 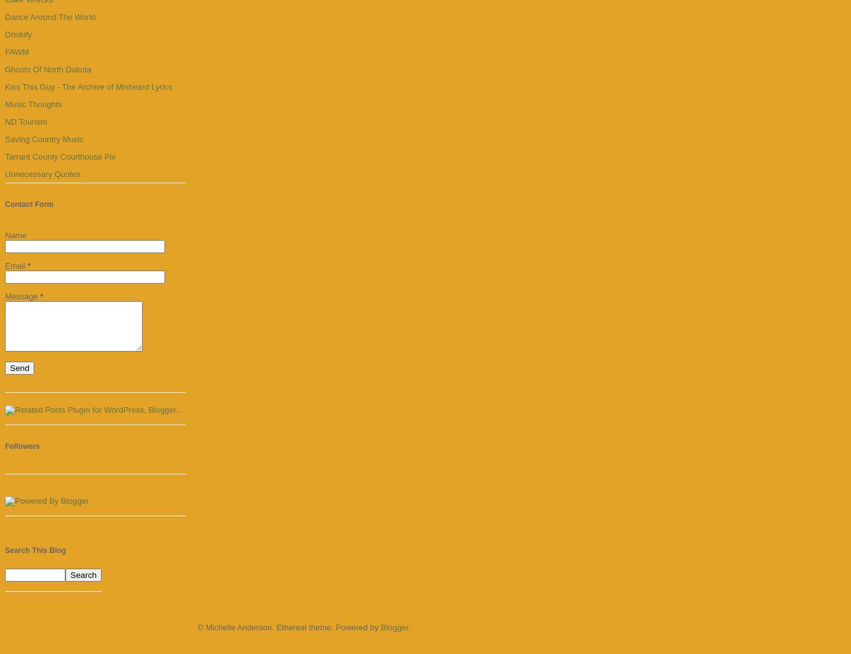 What do you see at coordinates (22, 446) in the screenshot?
I see `'Followers'` at bounding box center [22, 446].